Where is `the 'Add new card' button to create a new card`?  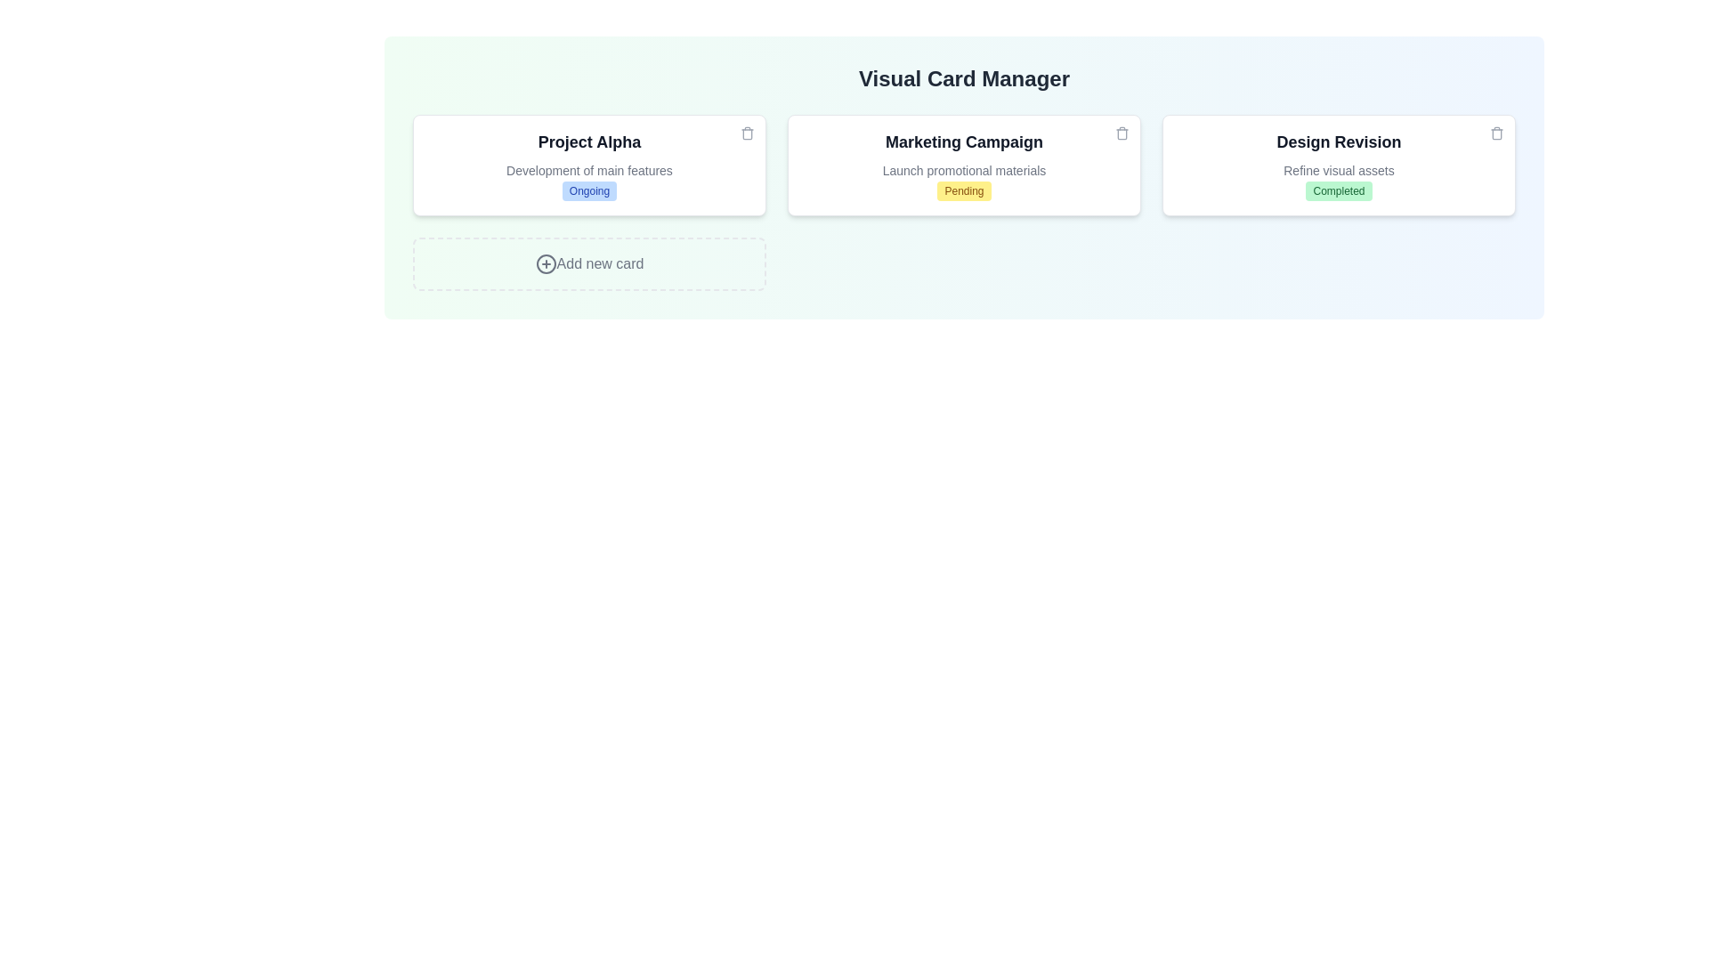
the 'Add new card' button to create a new card is located at coordinates (589, 264).